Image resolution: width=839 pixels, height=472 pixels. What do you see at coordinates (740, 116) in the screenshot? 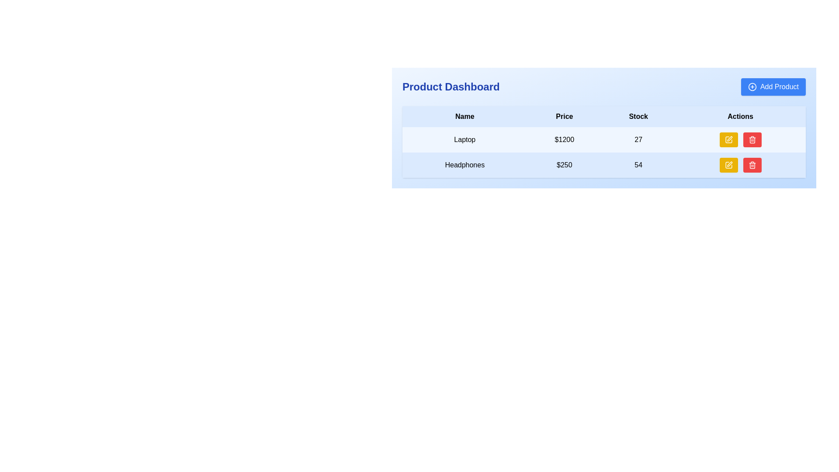
I see `the 'Actions' text label in the table header, which is bold and black on a light blue background, located at the far-right side of the header row` at bounding box center [740, 116].